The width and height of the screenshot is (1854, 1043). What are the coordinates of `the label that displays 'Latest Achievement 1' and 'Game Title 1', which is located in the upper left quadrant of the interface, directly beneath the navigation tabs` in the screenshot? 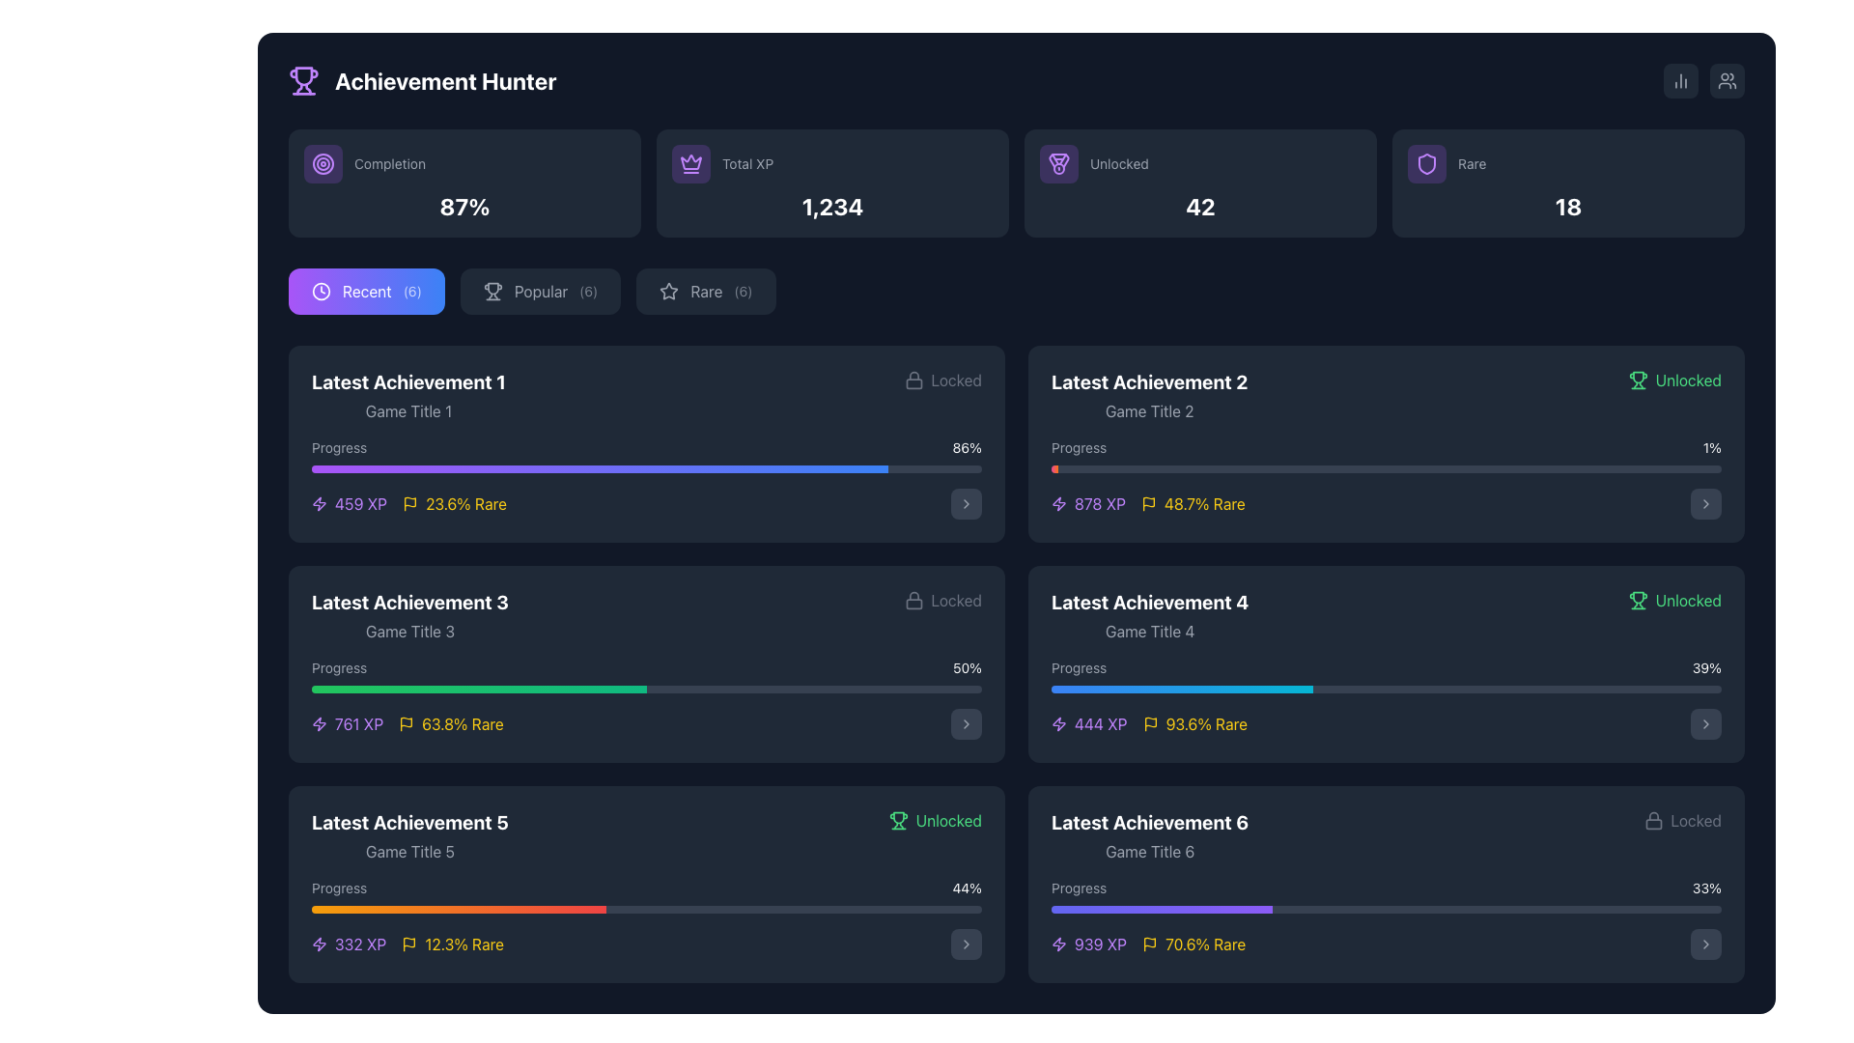 It's located at (407, 394).